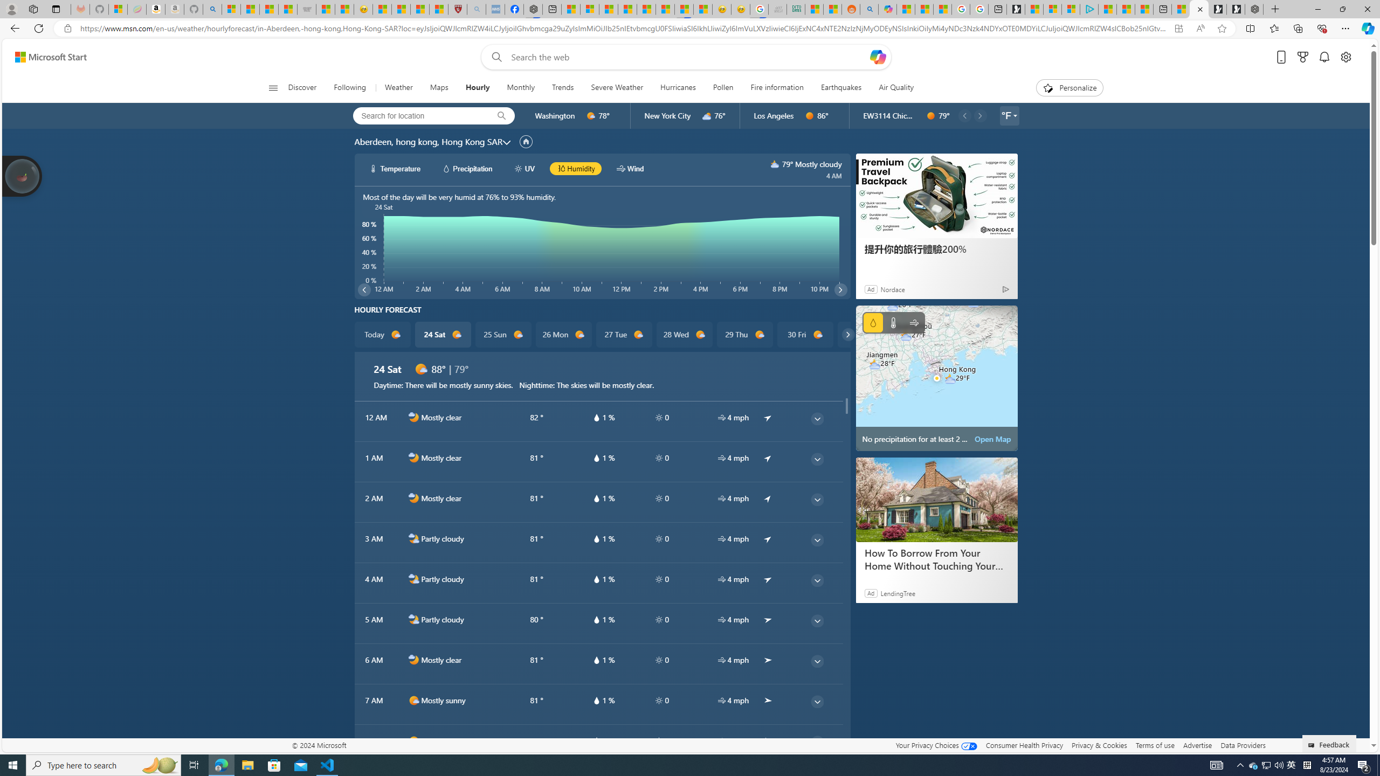  Describe the element at coordinates (503, 334) in the screenshot. I see `'25 Sun d1000'` at that location.